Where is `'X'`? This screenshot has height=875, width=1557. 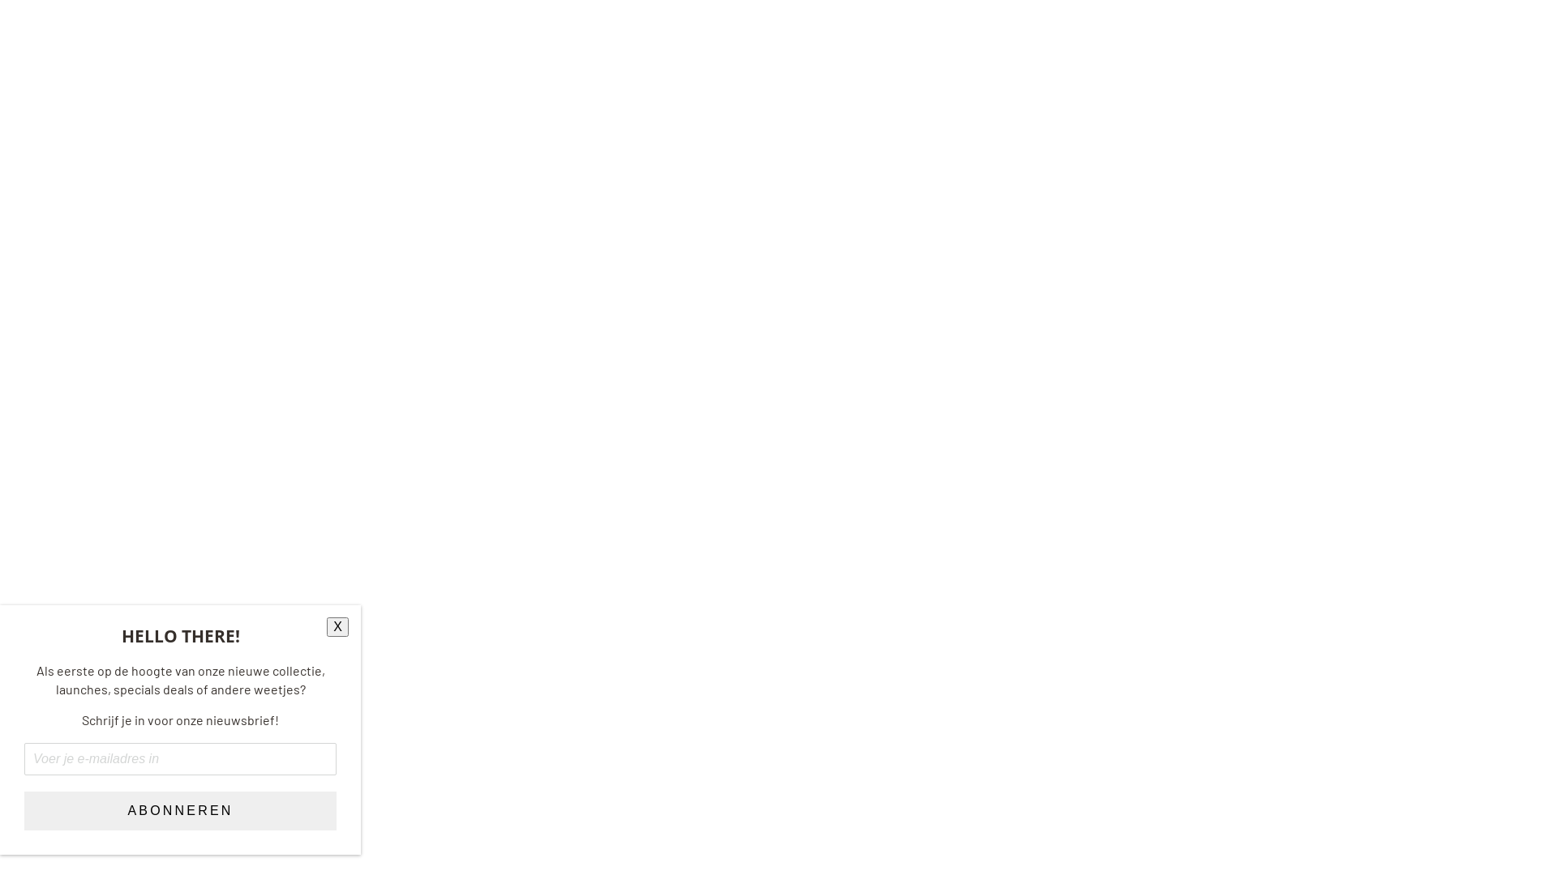 'X' is located at coordinates (337, 626).